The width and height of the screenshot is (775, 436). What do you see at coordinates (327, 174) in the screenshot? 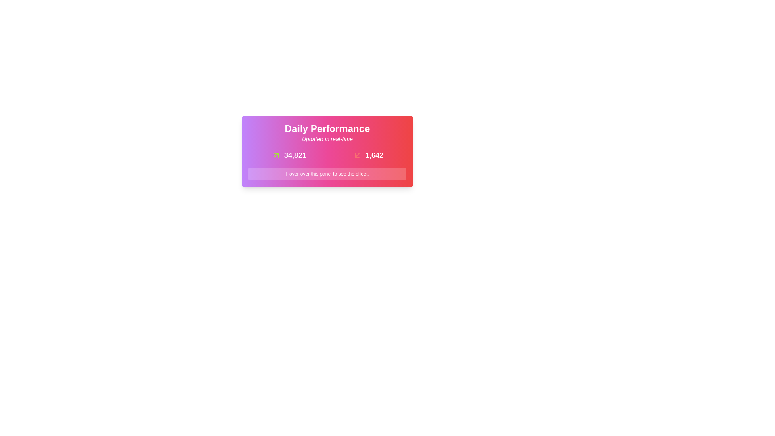
I see `the Interactive Panel displaying the message 'Hover over this panel` at bounding box center [327, 174].